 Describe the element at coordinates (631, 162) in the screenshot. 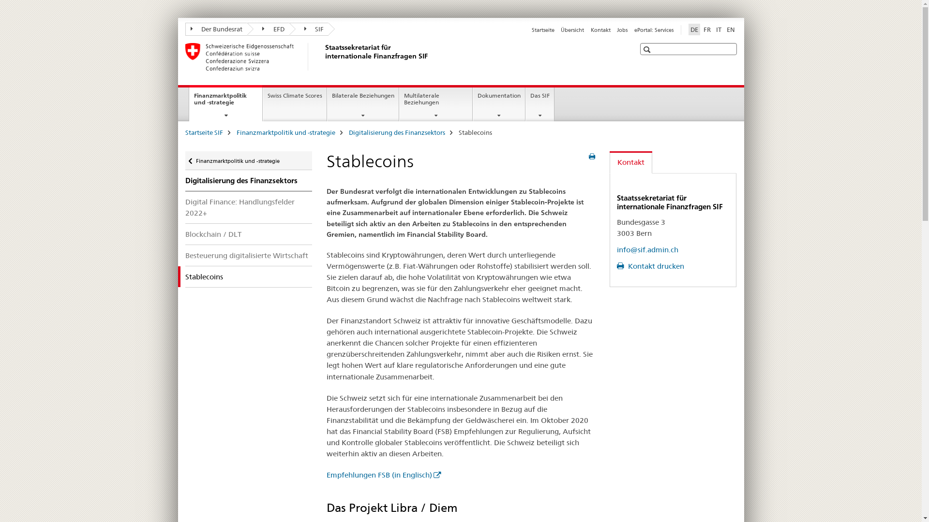

I see `'Kontakt'` at that location.